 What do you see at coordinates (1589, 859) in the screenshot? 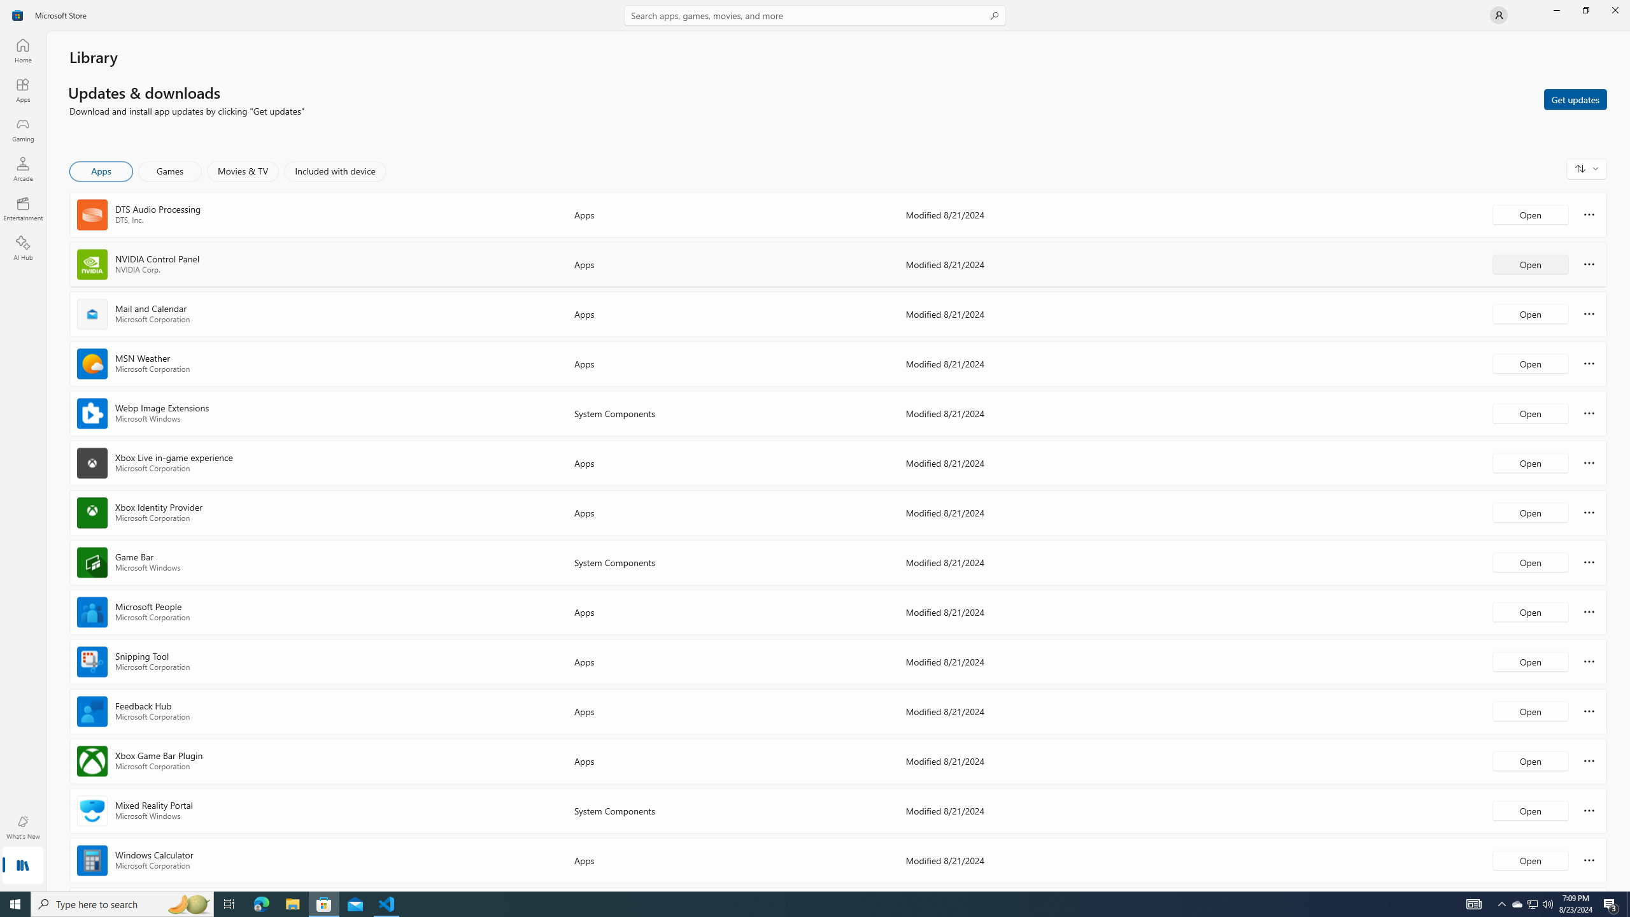
I see `'More options'` at bounding box center [1589, 859].